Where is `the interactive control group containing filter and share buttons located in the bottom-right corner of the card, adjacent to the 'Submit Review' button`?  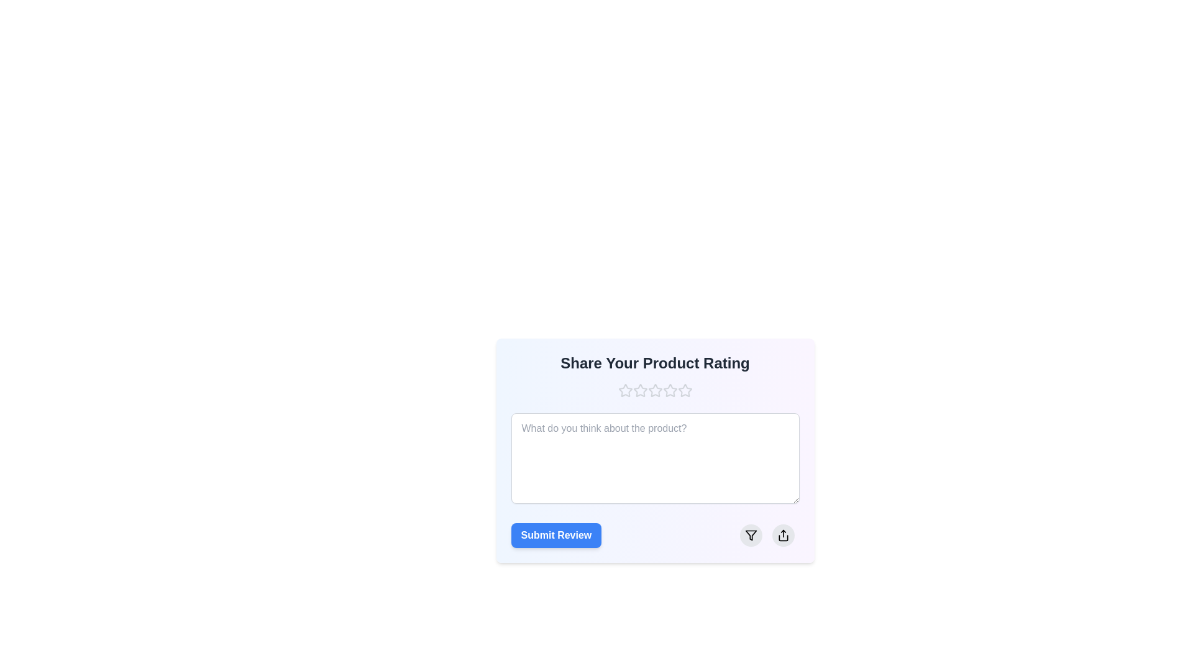
the interactive control group containing filter and share buttons located in the bottom-right corner of the card, adjacent to the 'Submit Review' button is located at coordinates (766, 534).